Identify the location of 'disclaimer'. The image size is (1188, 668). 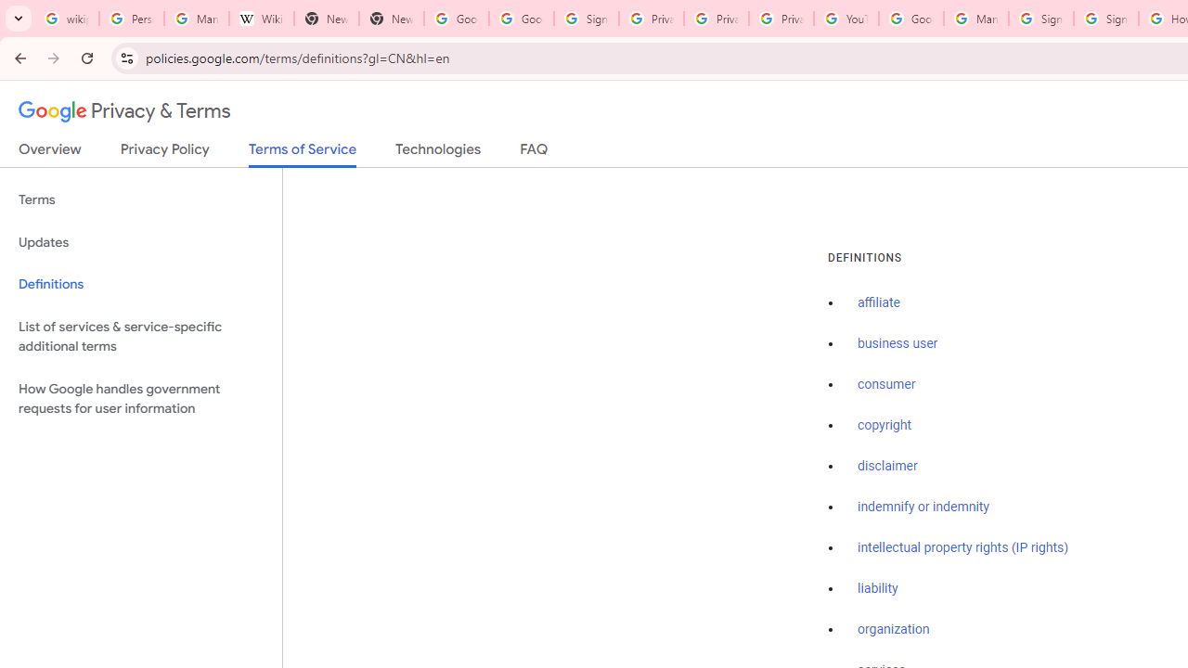
(886, 465).